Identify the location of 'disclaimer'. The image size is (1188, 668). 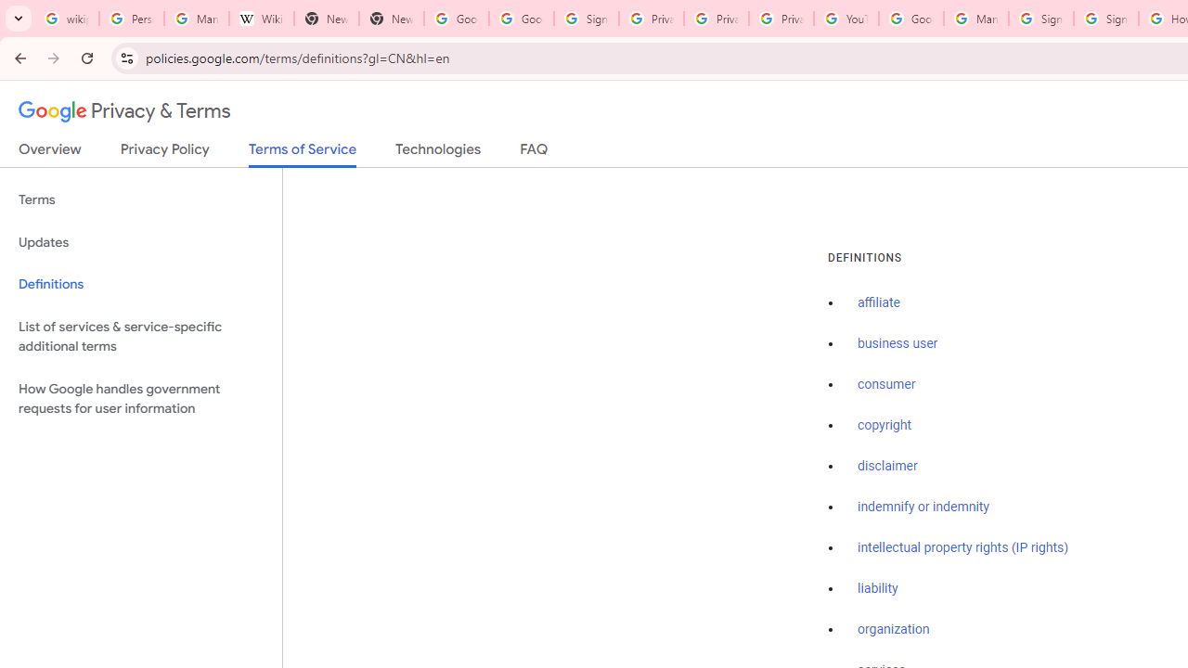
(886, 465).